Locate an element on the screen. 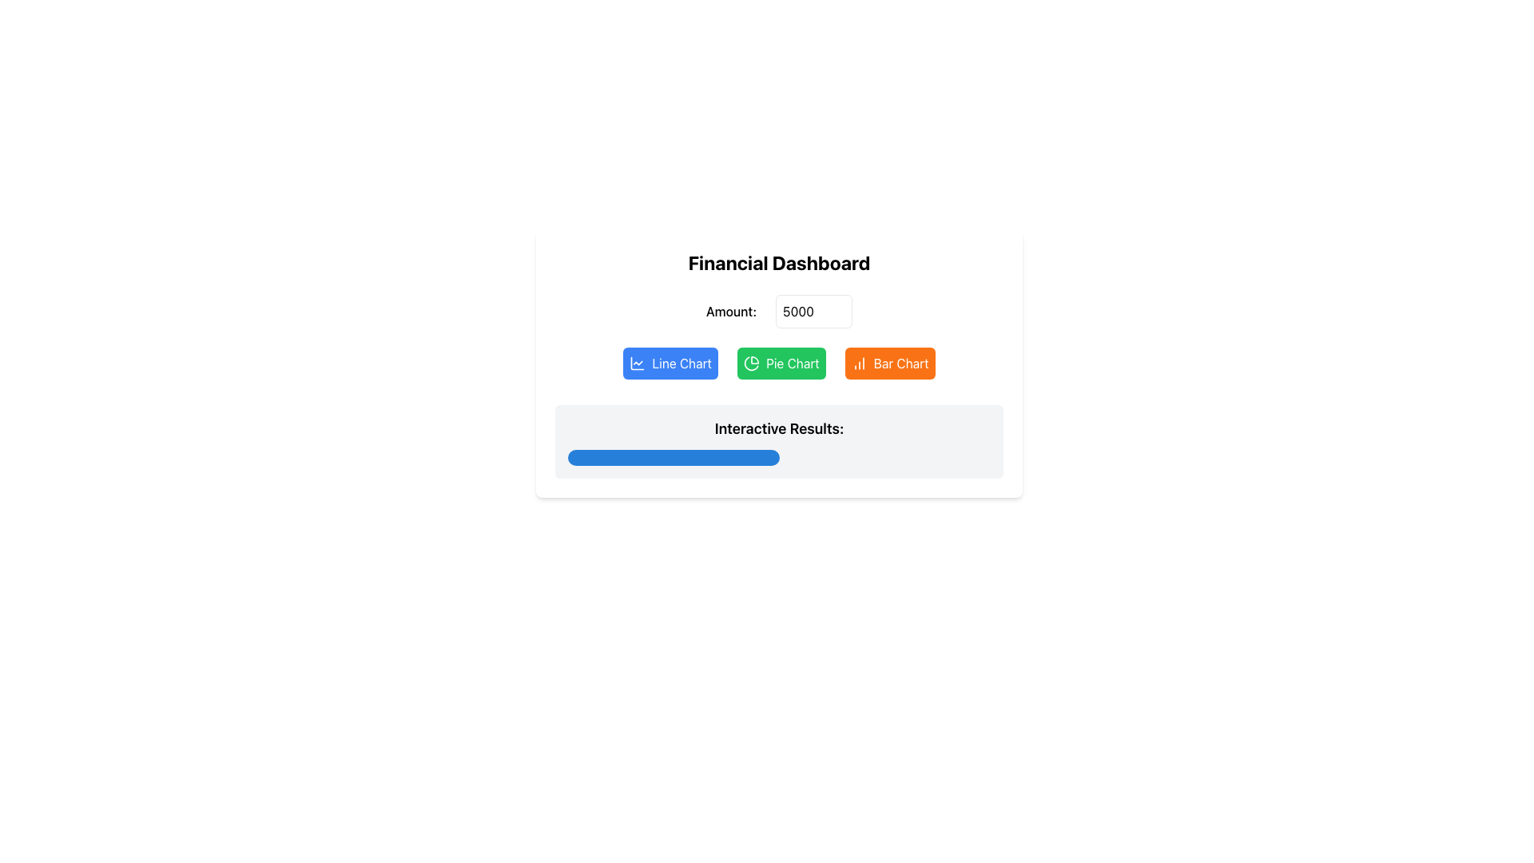 The width and height of the screenshot is (1534, 863). the 'Line Chart' button which contains the line chart icon is located at coordinates (637, 364).